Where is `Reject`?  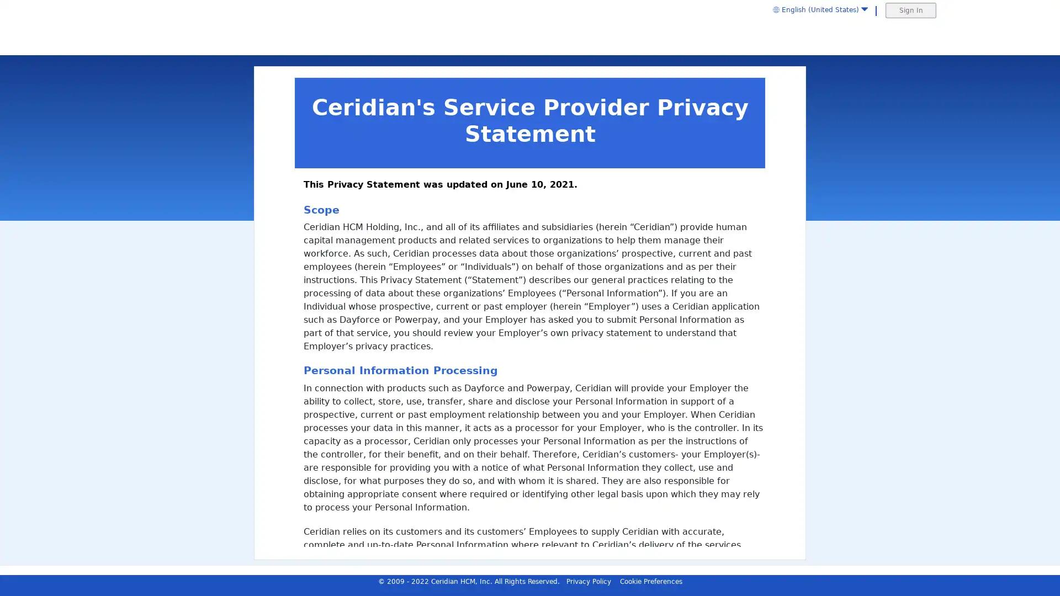
Reject is located at coordinates (952, 561).